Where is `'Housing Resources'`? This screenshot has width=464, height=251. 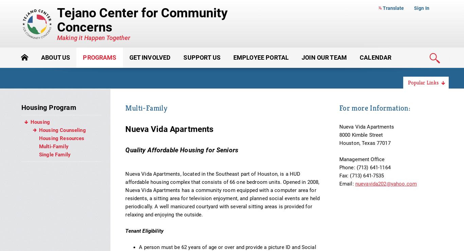 'Housing Resources' is located at coordinates (39, 138).